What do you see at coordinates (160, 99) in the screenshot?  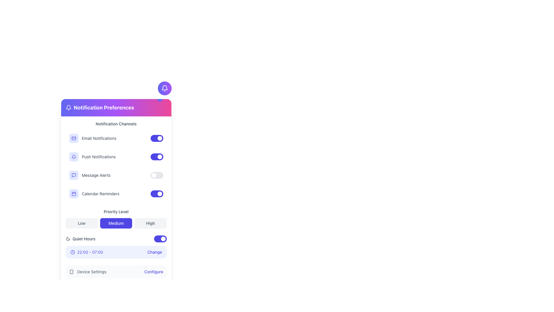 I see `the decorative shape or icon located at the top-right edge of the 'Notification Preferences' section` at bounding box center [160, 99].